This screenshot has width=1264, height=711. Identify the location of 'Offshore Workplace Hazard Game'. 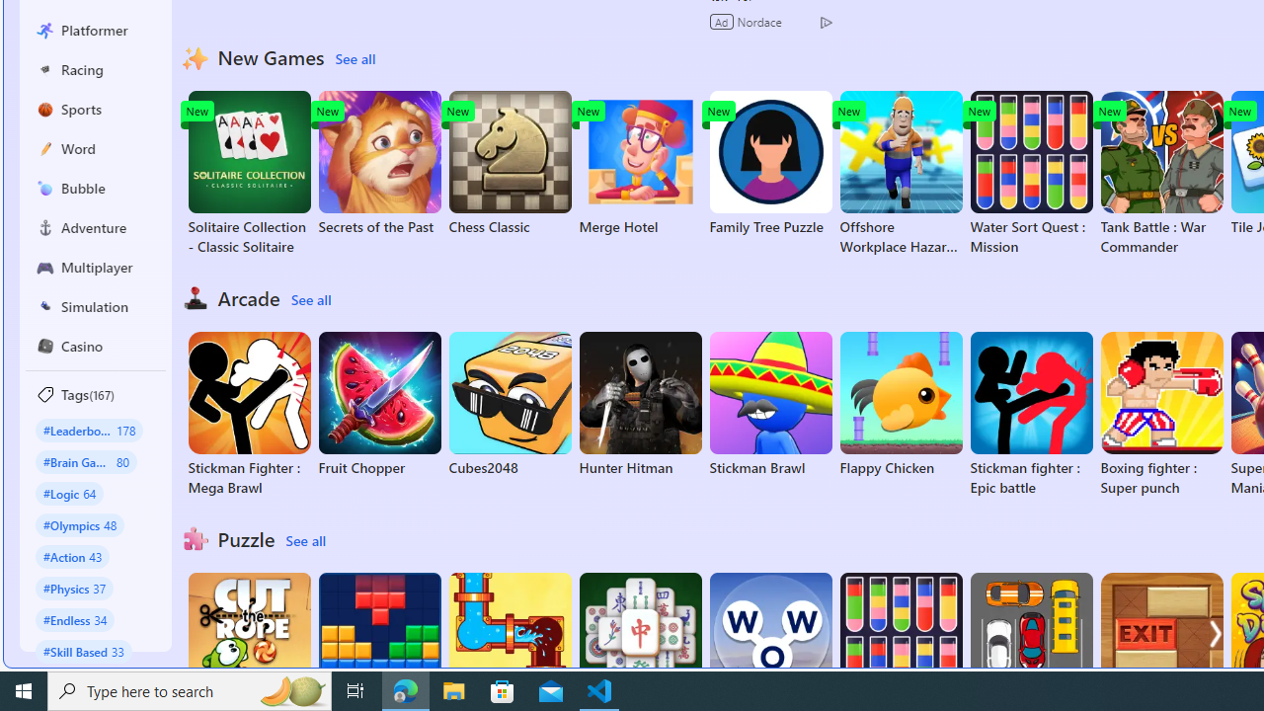
(900, 173).